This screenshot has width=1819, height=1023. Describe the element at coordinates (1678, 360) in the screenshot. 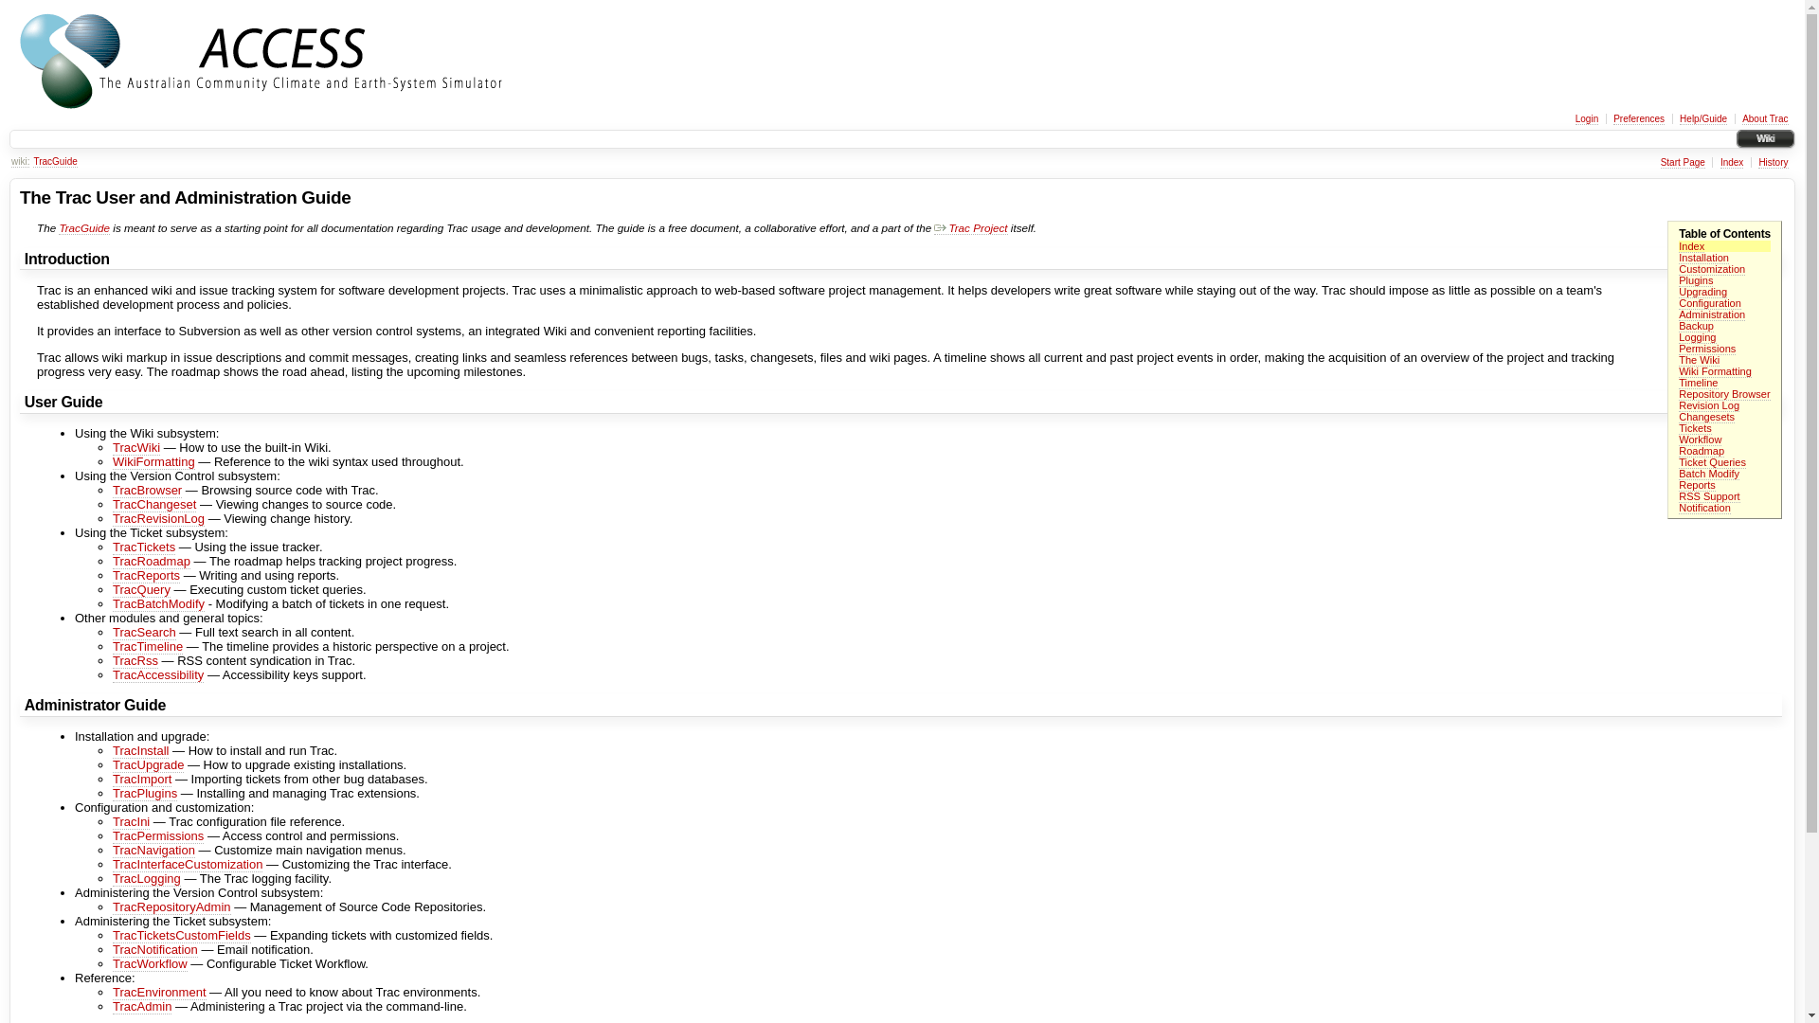

I see `'The Wiki'` at that location.